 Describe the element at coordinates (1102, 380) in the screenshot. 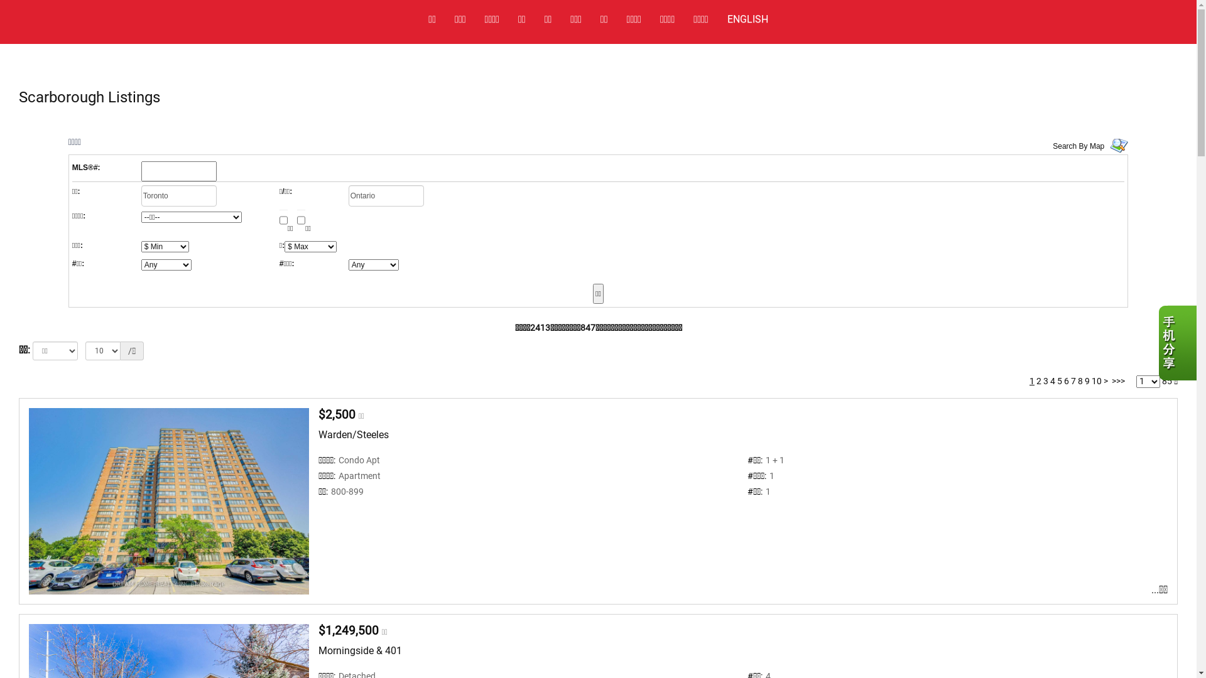

I see `'>'` at that location.